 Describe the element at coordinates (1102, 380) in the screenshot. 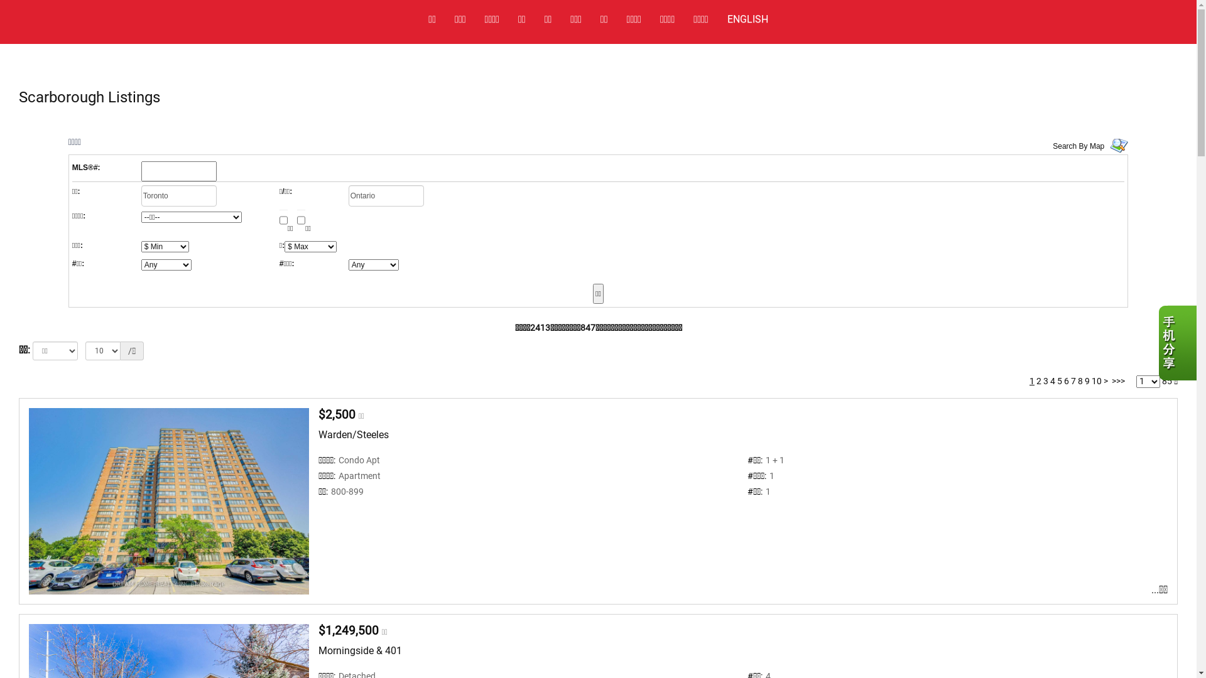

I see `'>'` at that location.